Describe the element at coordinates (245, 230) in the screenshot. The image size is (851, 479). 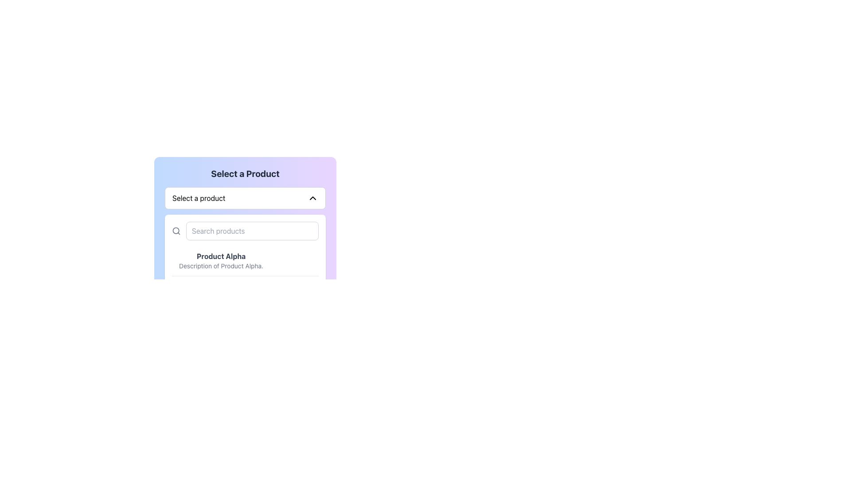
I see `the search input field located beneath the 'Select a Product' dropdown to enter search queries for filtering products` at that location.